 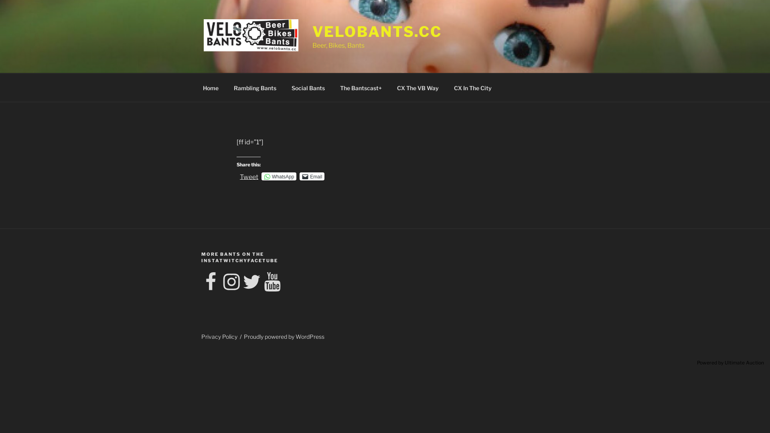 What do you see at coordinates (311, 176) in the screenshot?
I see `'Email'` at bounding box center [311, 176].